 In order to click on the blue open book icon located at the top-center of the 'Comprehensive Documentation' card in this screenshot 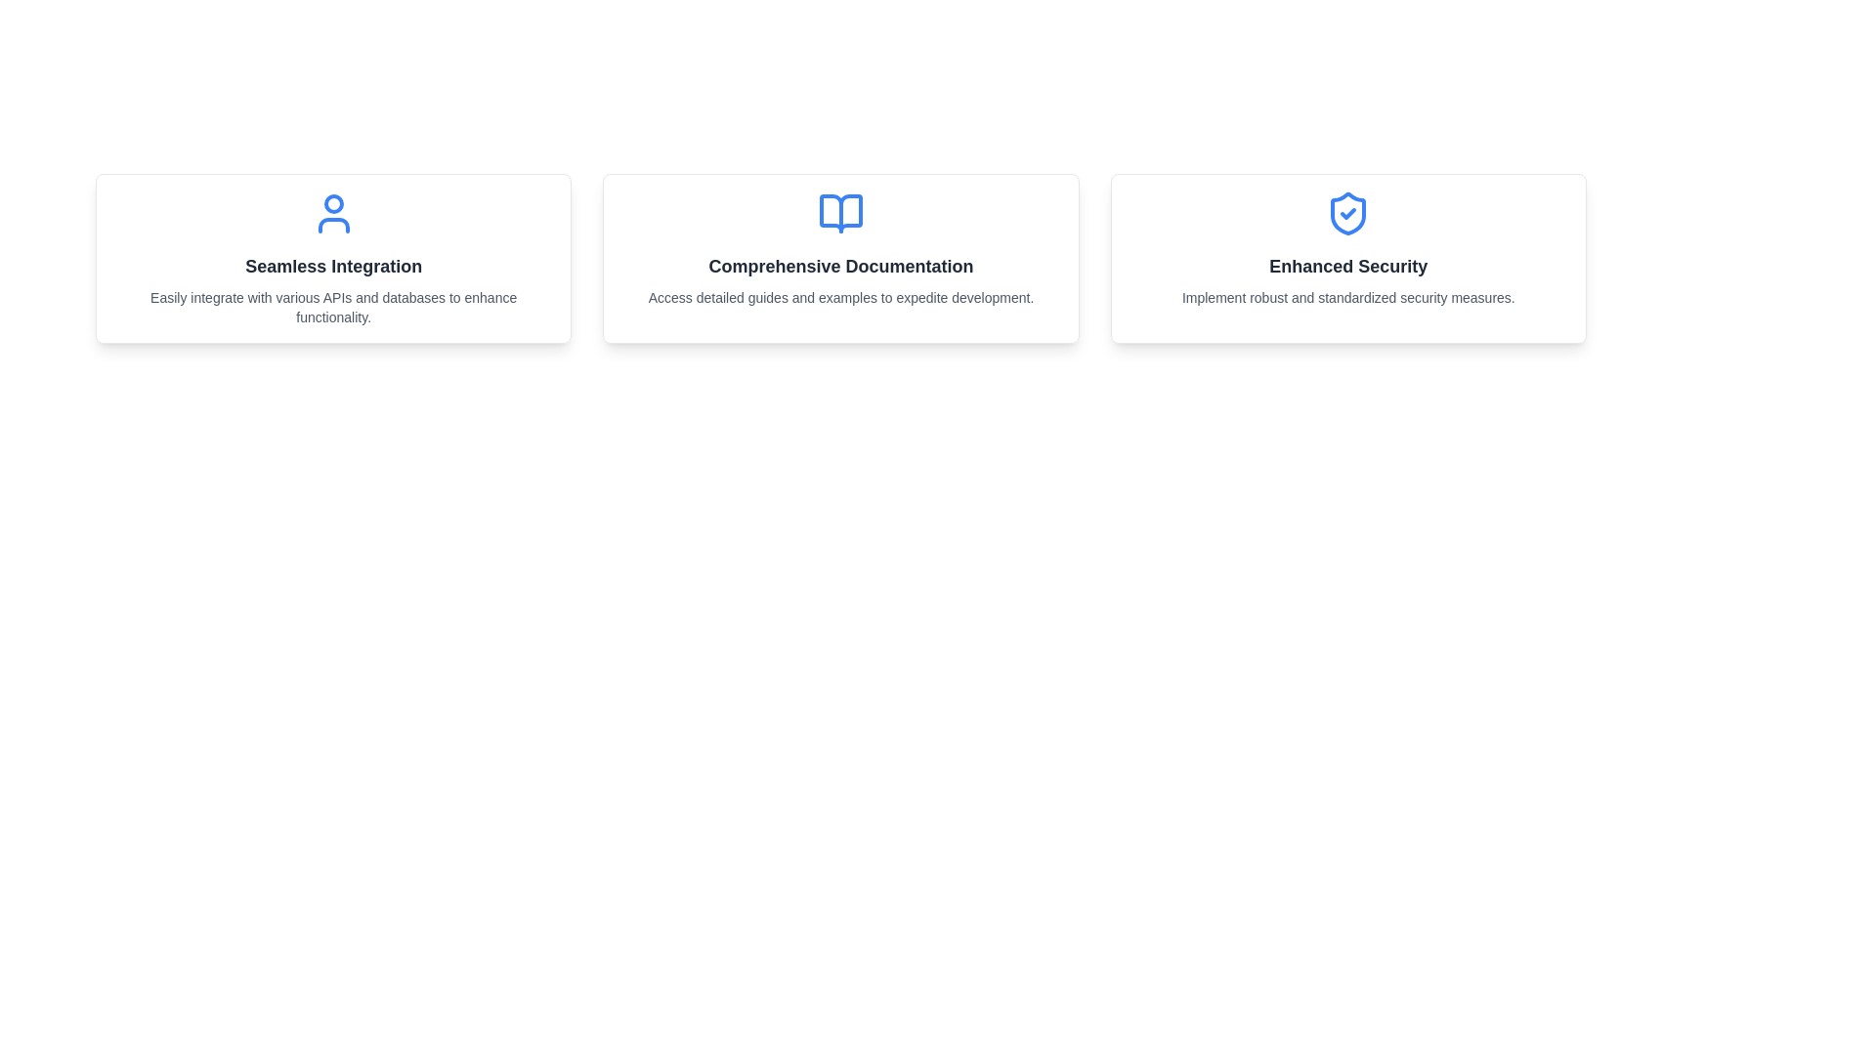, I will do `click(840, 214)`.